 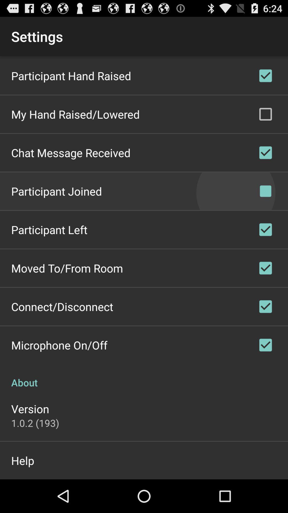 I want to click on the item above help app, so click(x=35, y=423).